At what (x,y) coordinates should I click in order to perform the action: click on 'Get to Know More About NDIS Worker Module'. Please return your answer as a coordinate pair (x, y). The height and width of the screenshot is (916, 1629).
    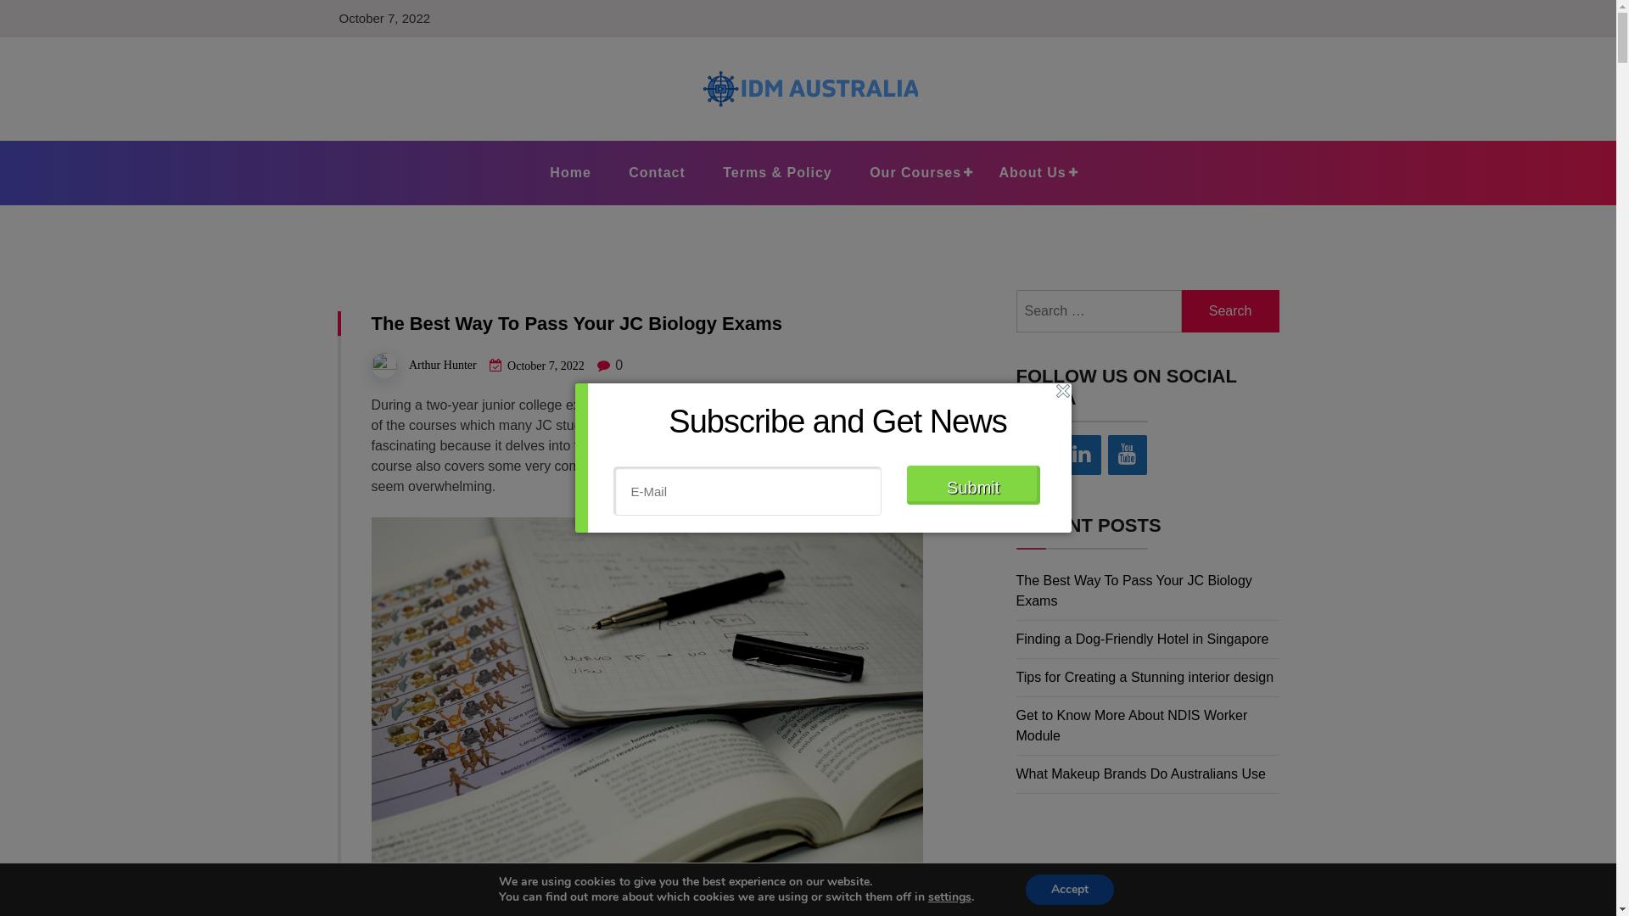
    Looking at the image, I should click on (1016, 725).